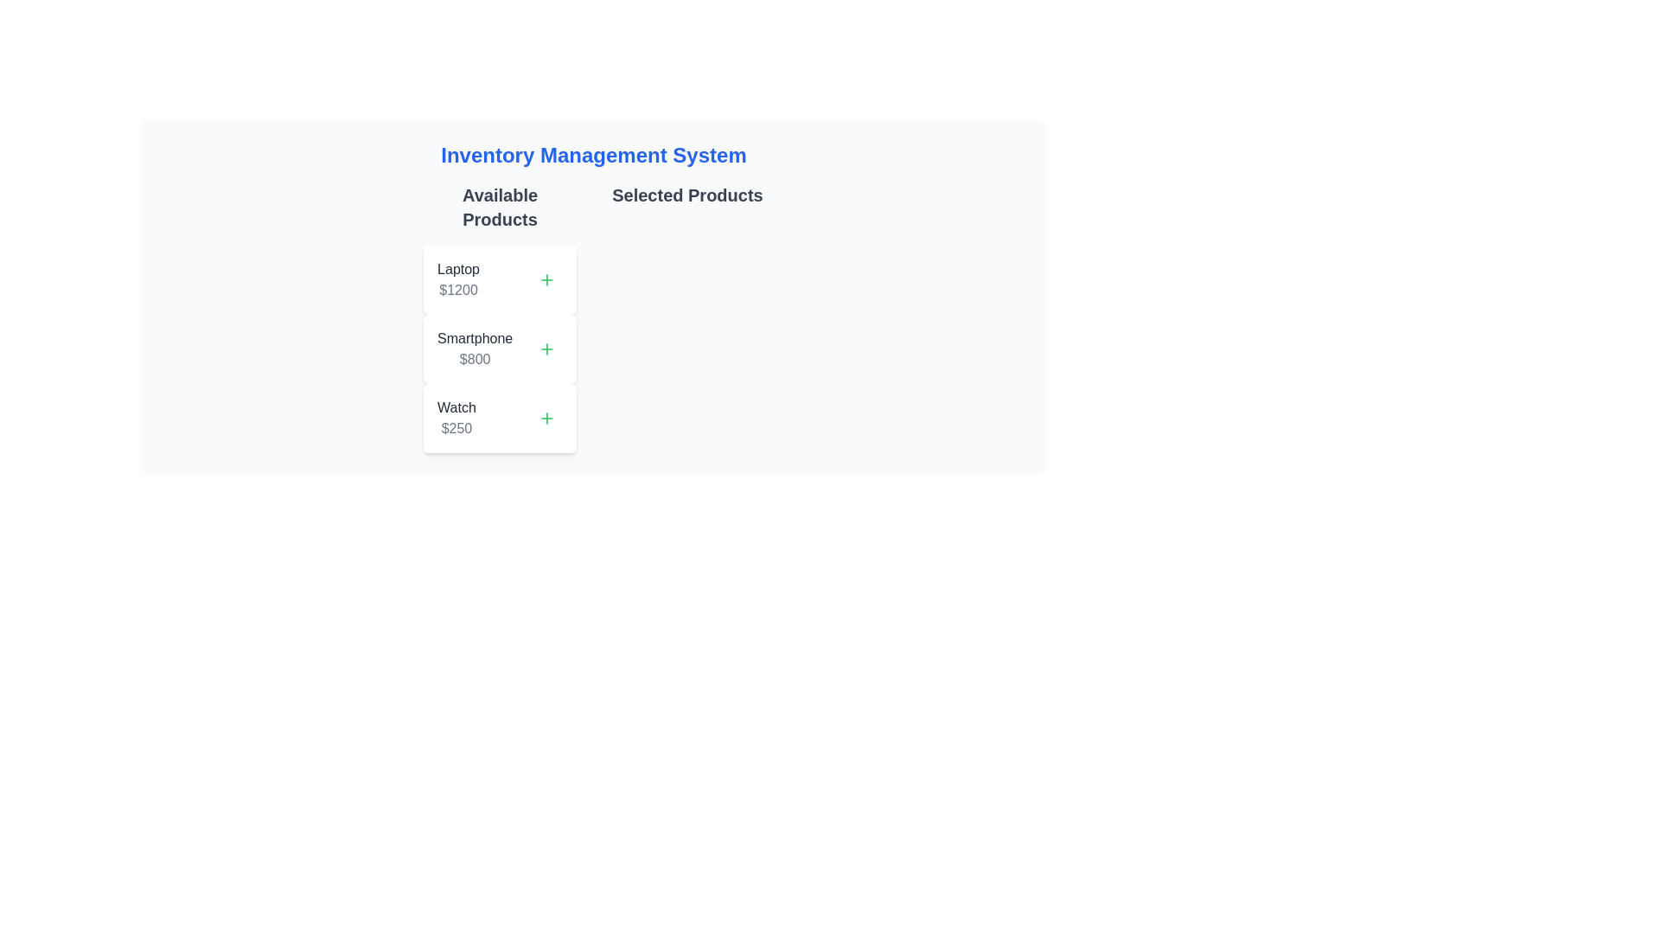  I want to click on the text label displaying '$250' in gray color, located beneath the 'Watch' text in the 'Available Products' section, so click(456, 428).